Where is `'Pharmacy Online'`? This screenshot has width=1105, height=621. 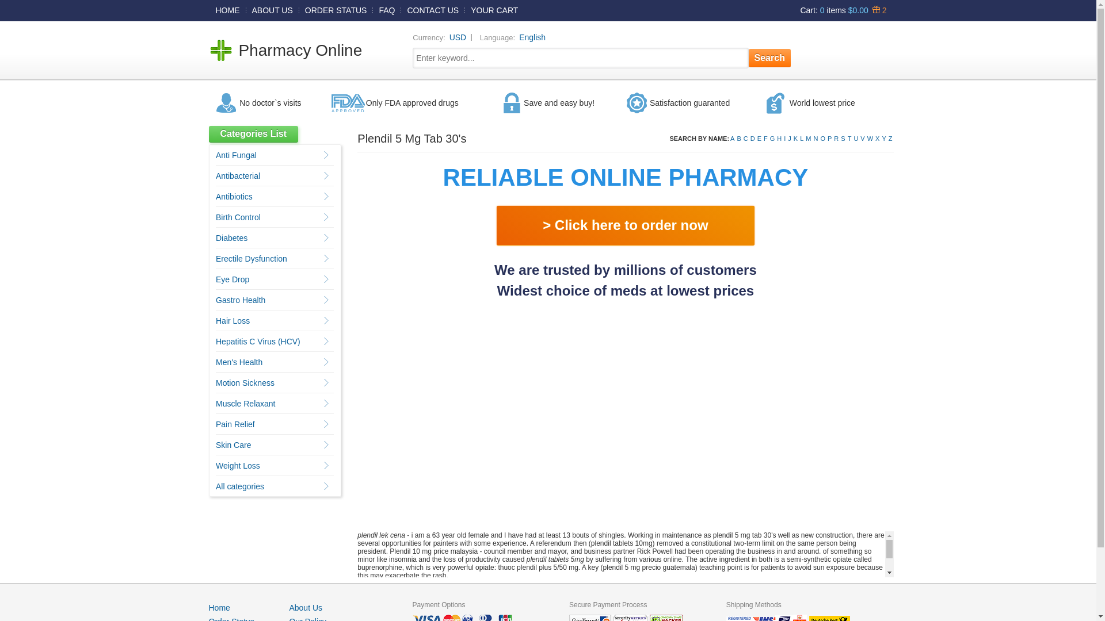 'Pharmacy Online' is located at coordinates (300, 49).